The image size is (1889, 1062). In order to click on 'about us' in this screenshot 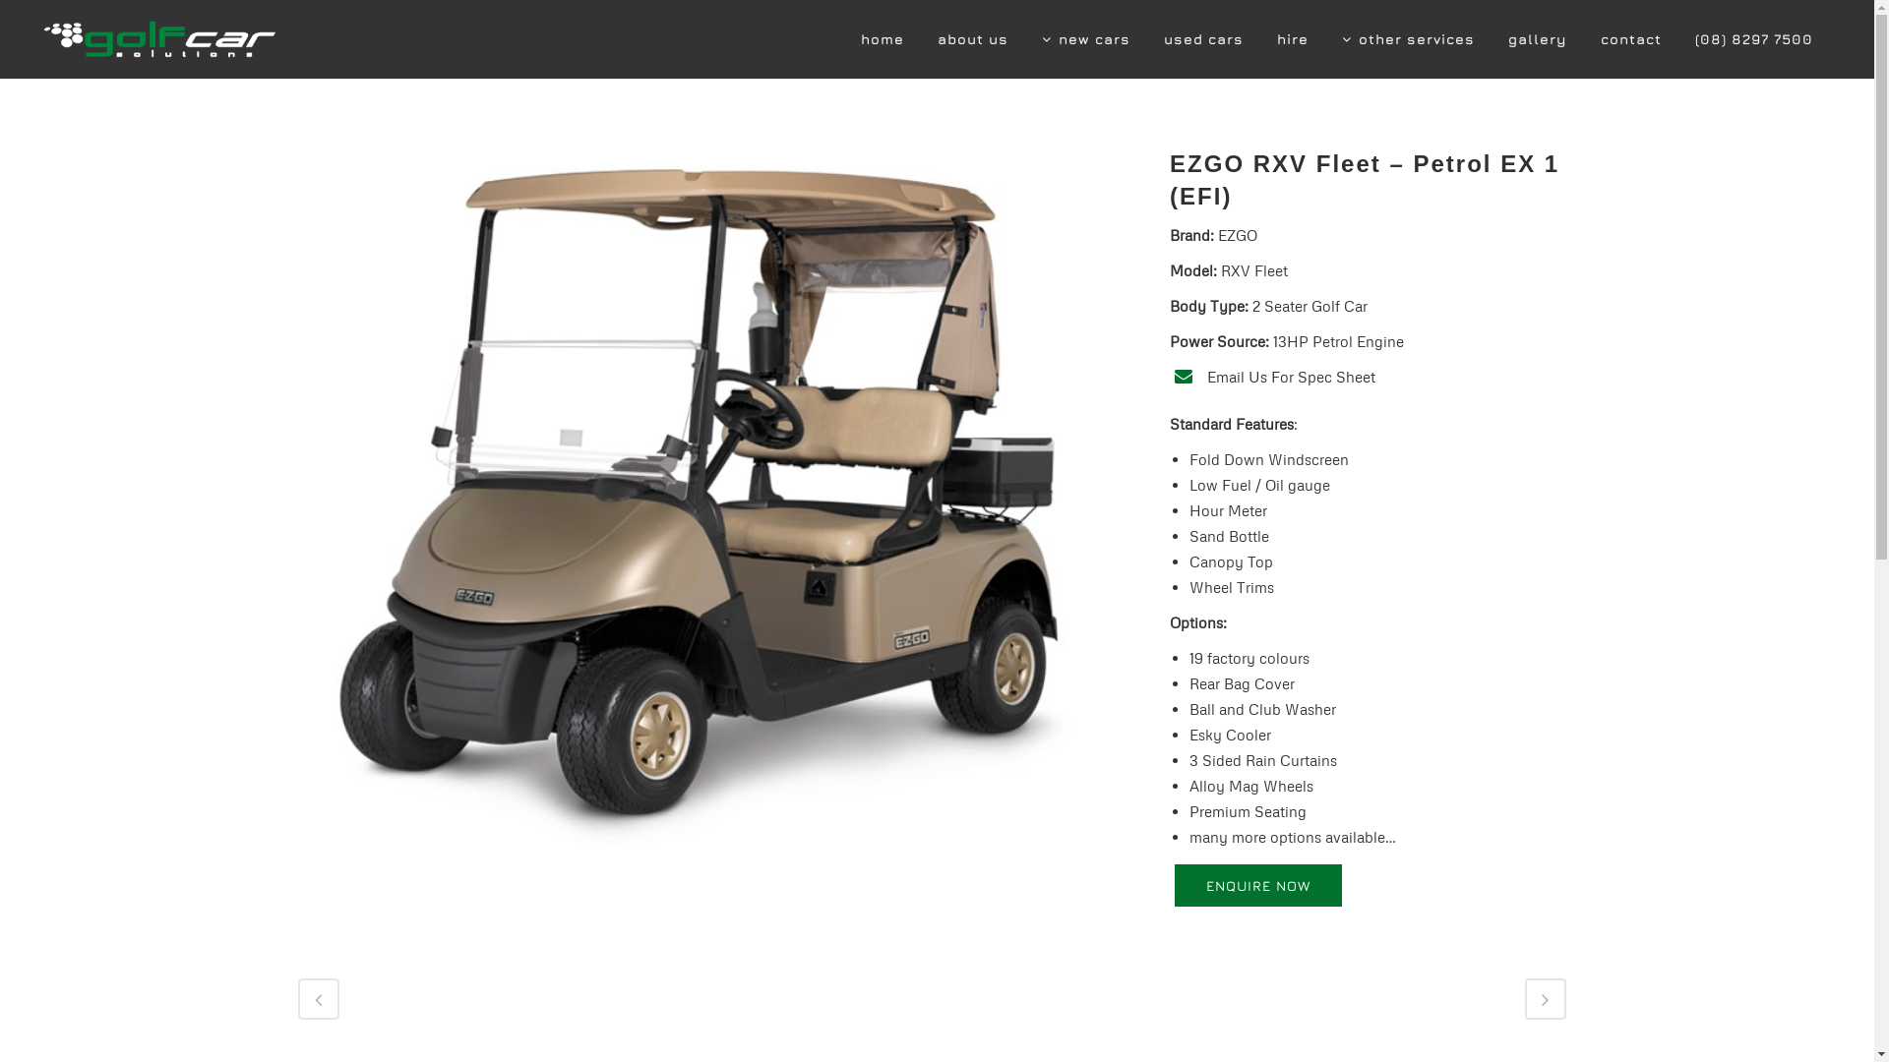, I will do `click(972, 38)`.